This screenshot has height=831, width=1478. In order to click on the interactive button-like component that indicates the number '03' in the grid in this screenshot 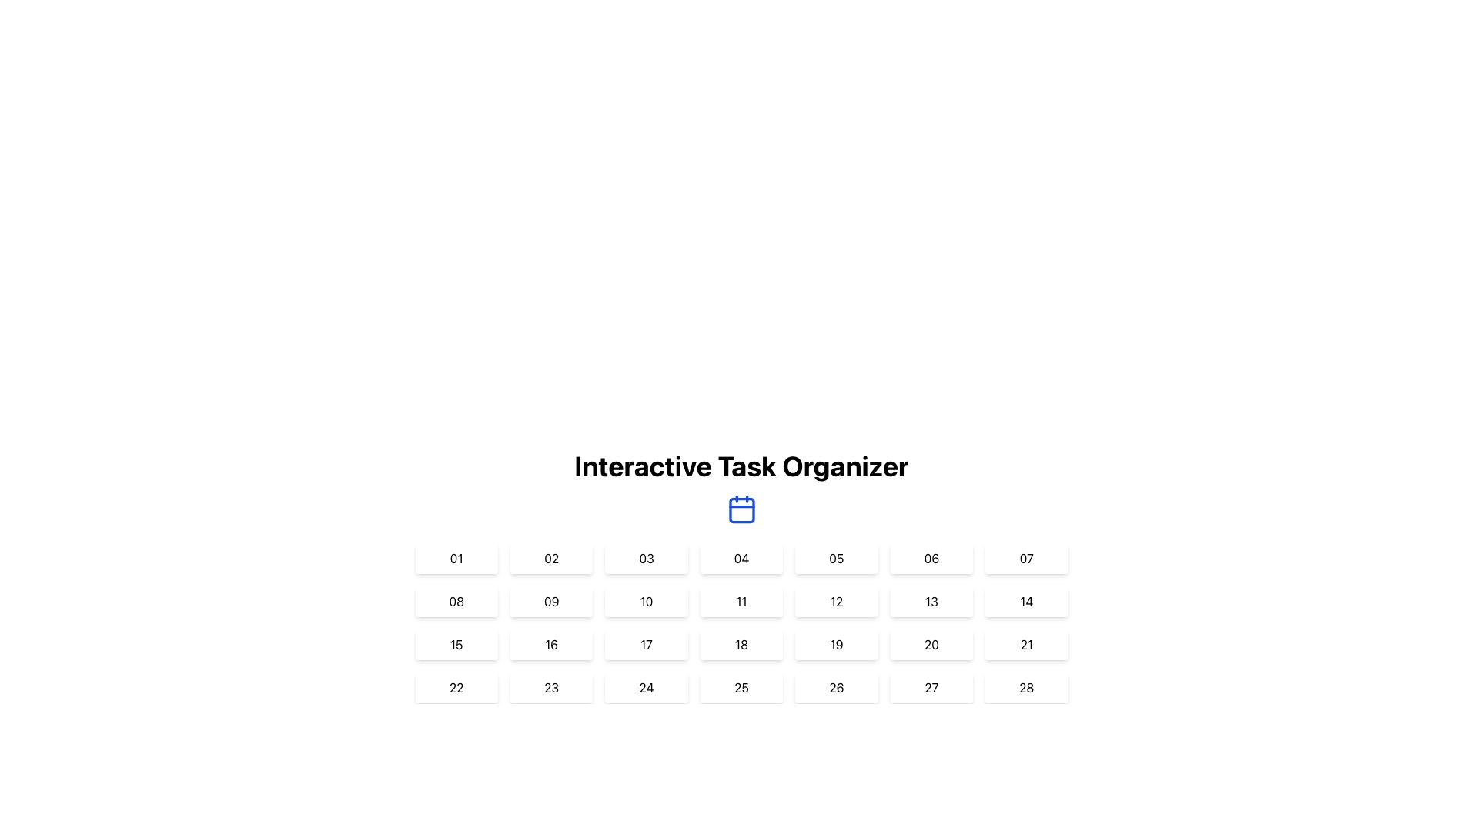, I will do `click(647, 558)`.